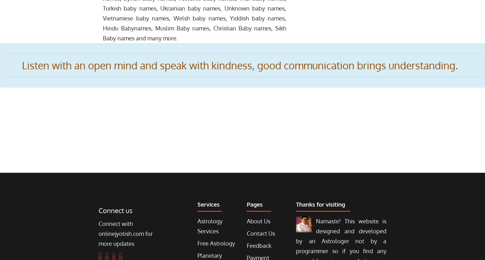 The height and width of the screenshot is (260, 485). I want to click on 'Astrology Services', so click(209, 226).